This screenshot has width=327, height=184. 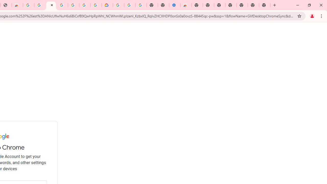 What do you see at coordinates (130, 5) in the screenshot?
I see `'Google Account Help'` at bounding box center [130, 5].